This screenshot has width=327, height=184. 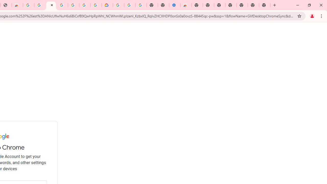 What do you see at coordinates (130, 5) in the screenshot?
I see `'Google Account Help'` at bounding box center [130, 5].